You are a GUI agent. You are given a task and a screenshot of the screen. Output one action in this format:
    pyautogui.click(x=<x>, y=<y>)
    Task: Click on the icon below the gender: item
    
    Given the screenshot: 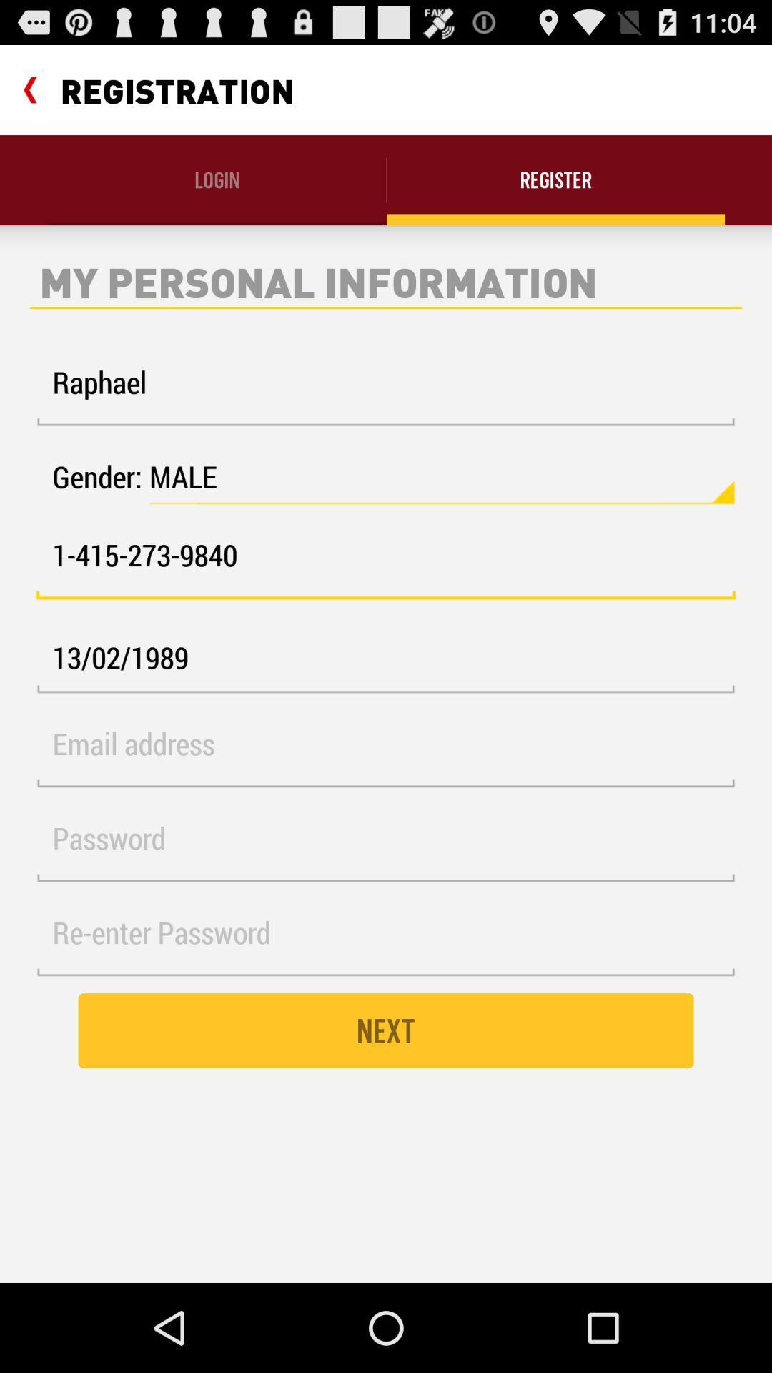 What is the action you would take?
    pyautogui.click(x=386, y=563)
    